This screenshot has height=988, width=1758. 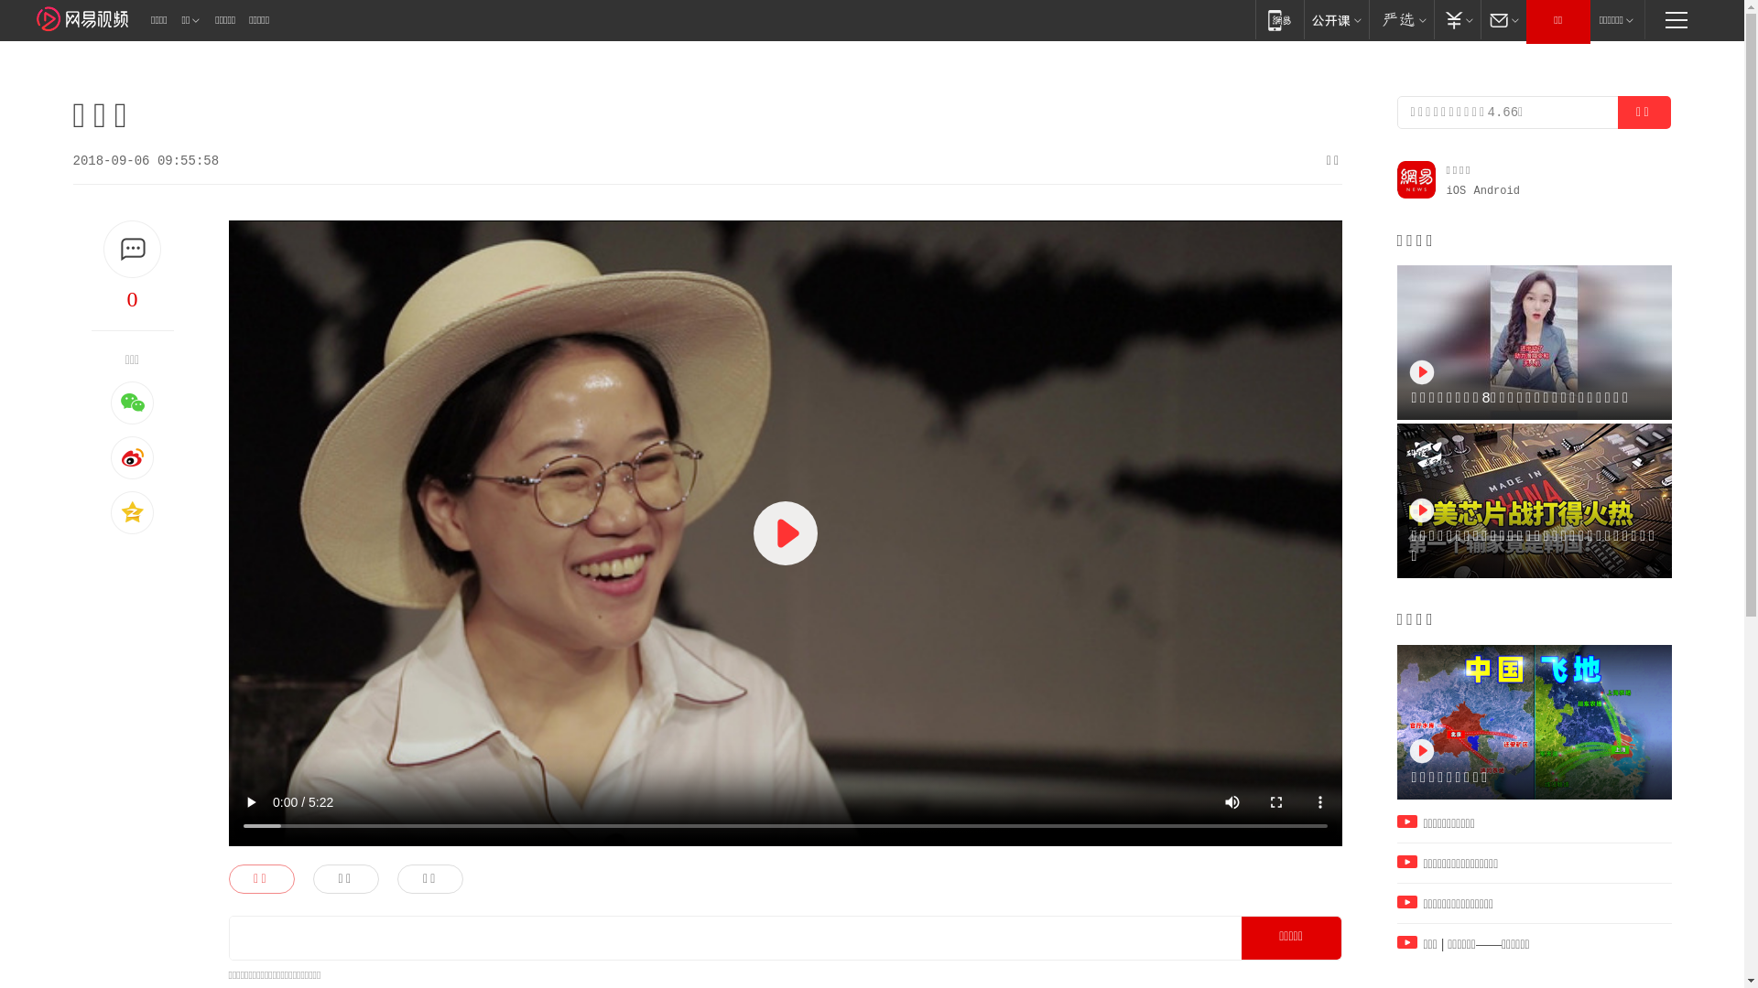 What do you see at coordinates (1455, 190) in the screenshot?
I see `'iOS'` at bounding box center [1455, 190].